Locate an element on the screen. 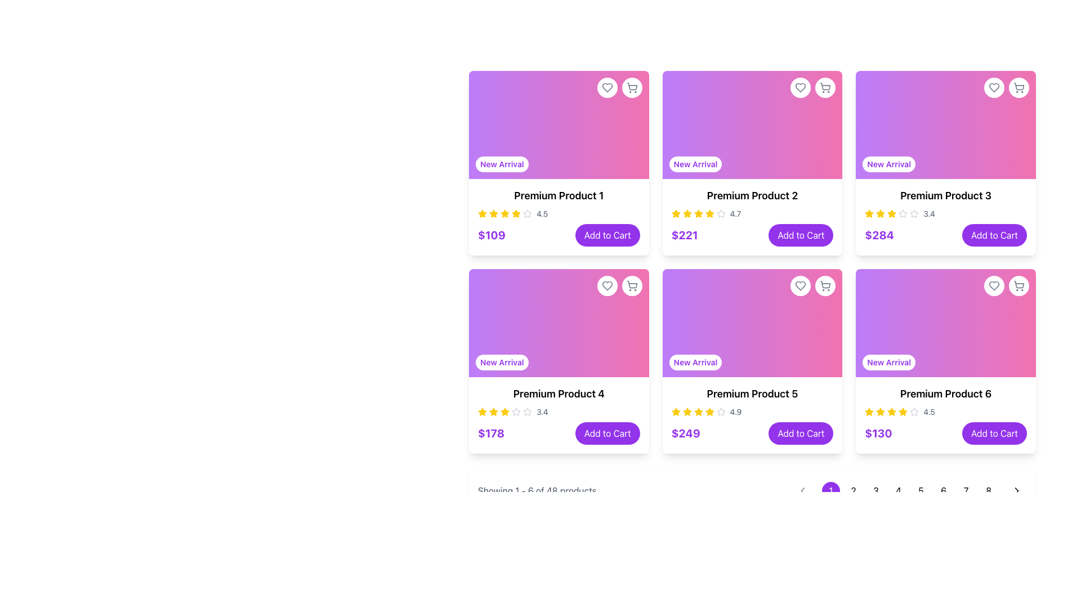 The image size is (1081, 608). the shopping cart icon located in the top-right corner of the card for 'Premium Product 3' is located at coordinates (1019, 87).